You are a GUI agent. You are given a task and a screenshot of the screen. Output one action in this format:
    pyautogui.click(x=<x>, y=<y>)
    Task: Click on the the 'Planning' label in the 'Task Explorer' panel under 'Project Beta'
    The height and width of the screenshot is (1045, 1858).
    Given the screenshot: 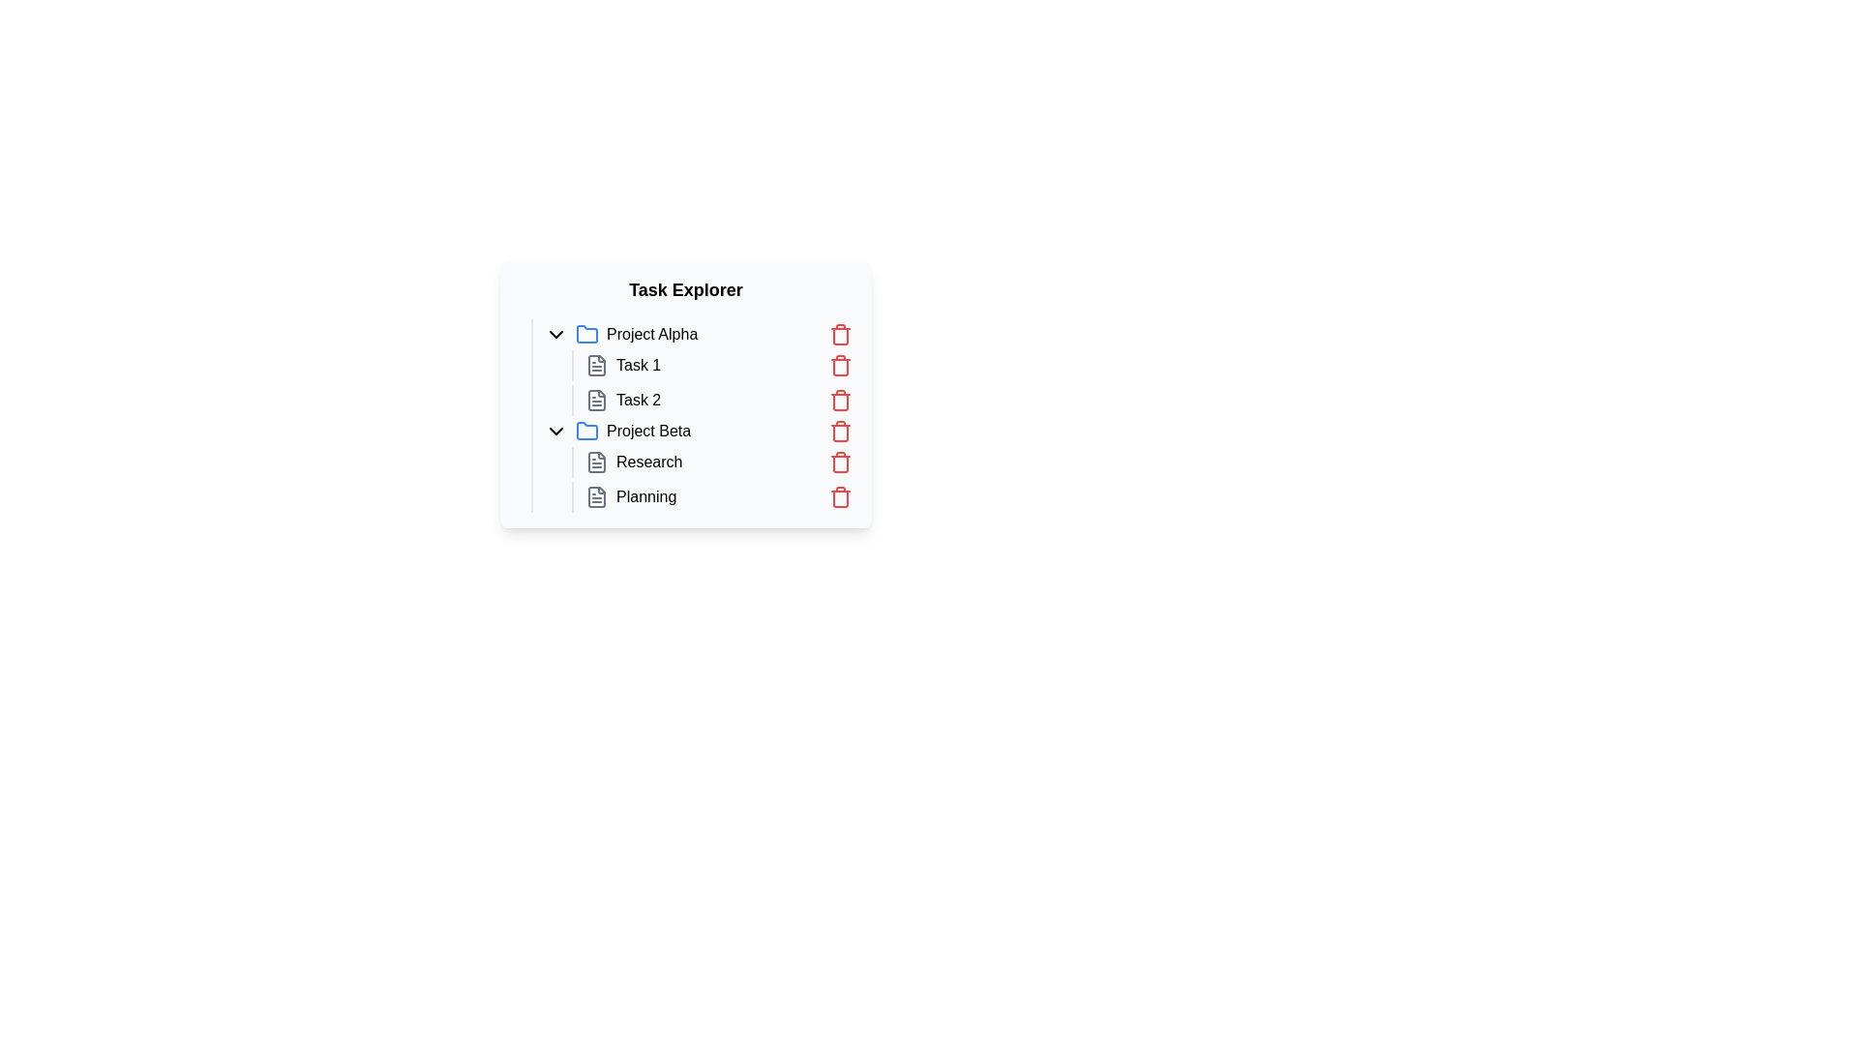 What is the action you would take?
    pyautogui.click(x=646, y=495)
    